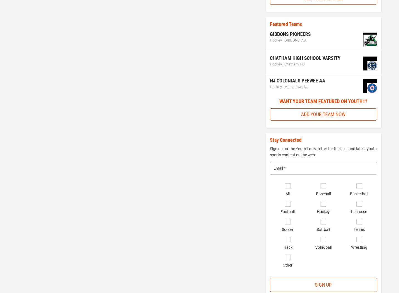  I want to click on '5) DON’T BLAME THE COACH – It is easy to blame others for your short comings. Blaming someone else is the easiest thing to do. Take responsibility for yourself and answer the questions above, be honest with yourself.', so click(132, 25).